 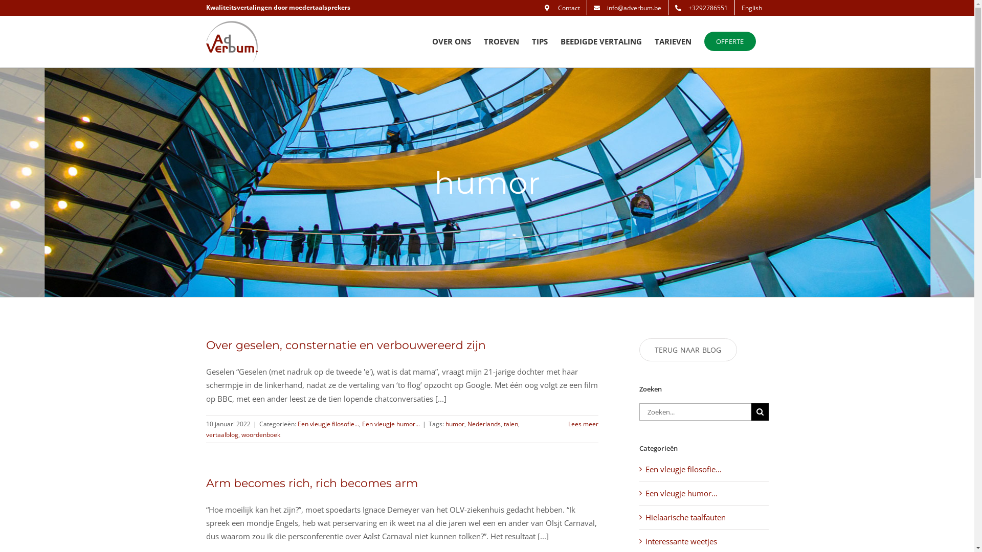 What do you see at coordinates (539, 41) in the screenshot?
I see `'TIPS'` at bounding box center [539, 41].